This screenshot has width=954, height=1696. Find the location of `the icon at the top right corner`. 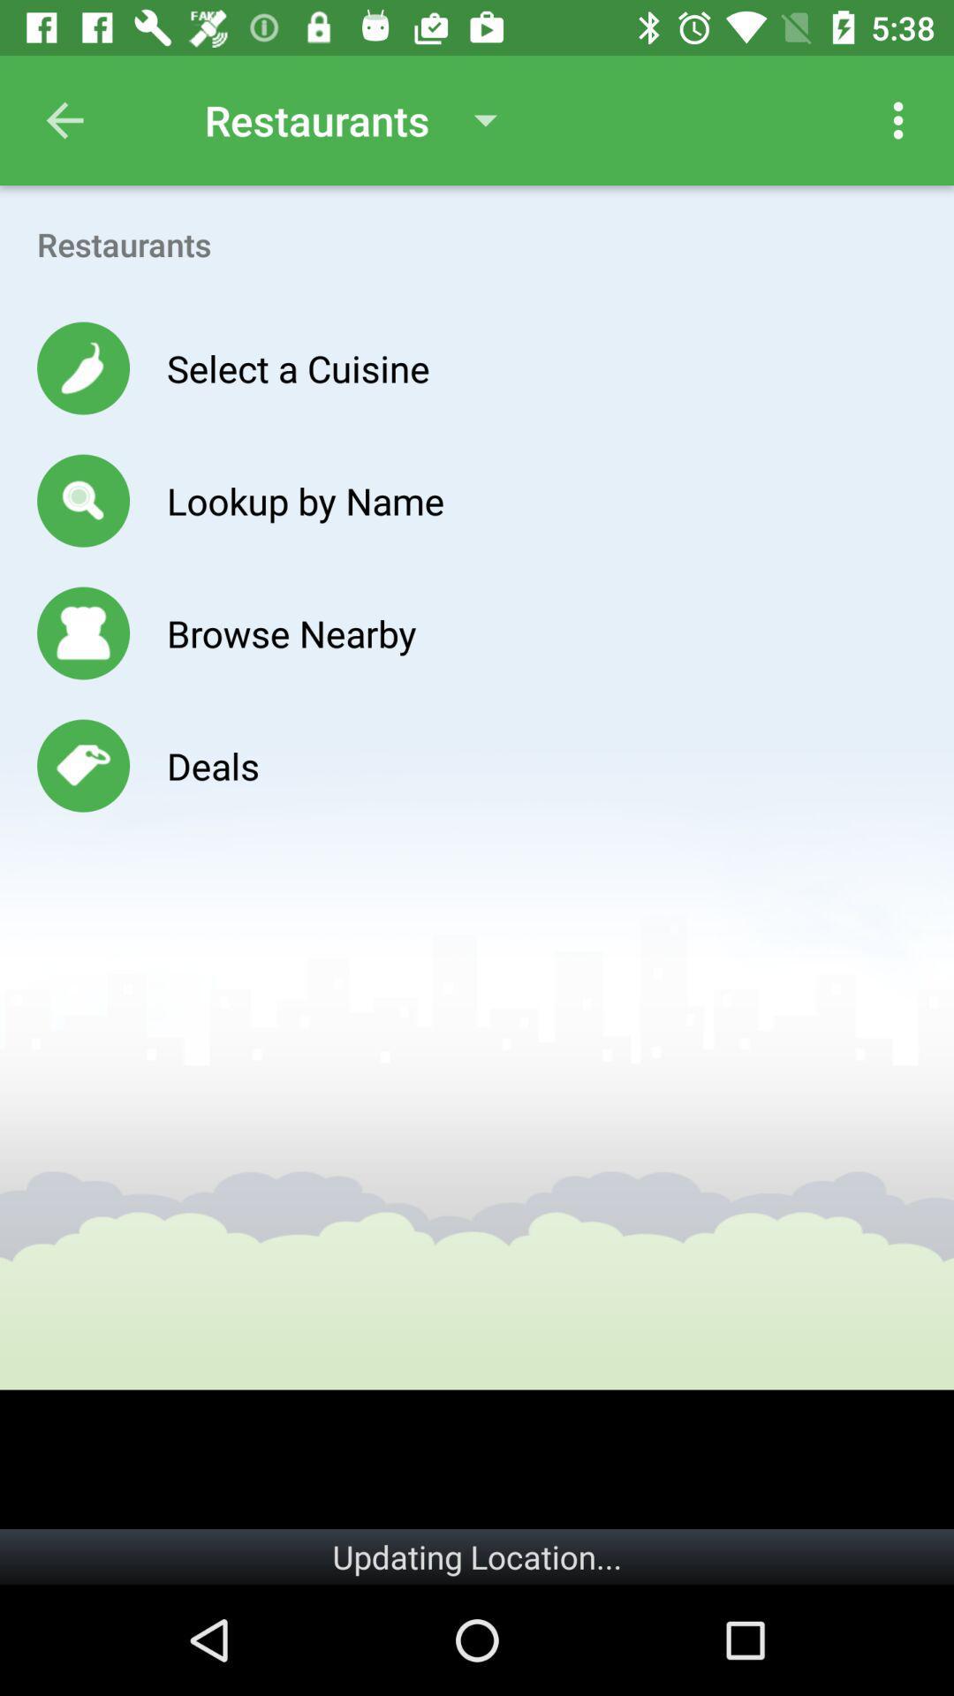

the icon at the top right corner is located at coordinates (898, 119).